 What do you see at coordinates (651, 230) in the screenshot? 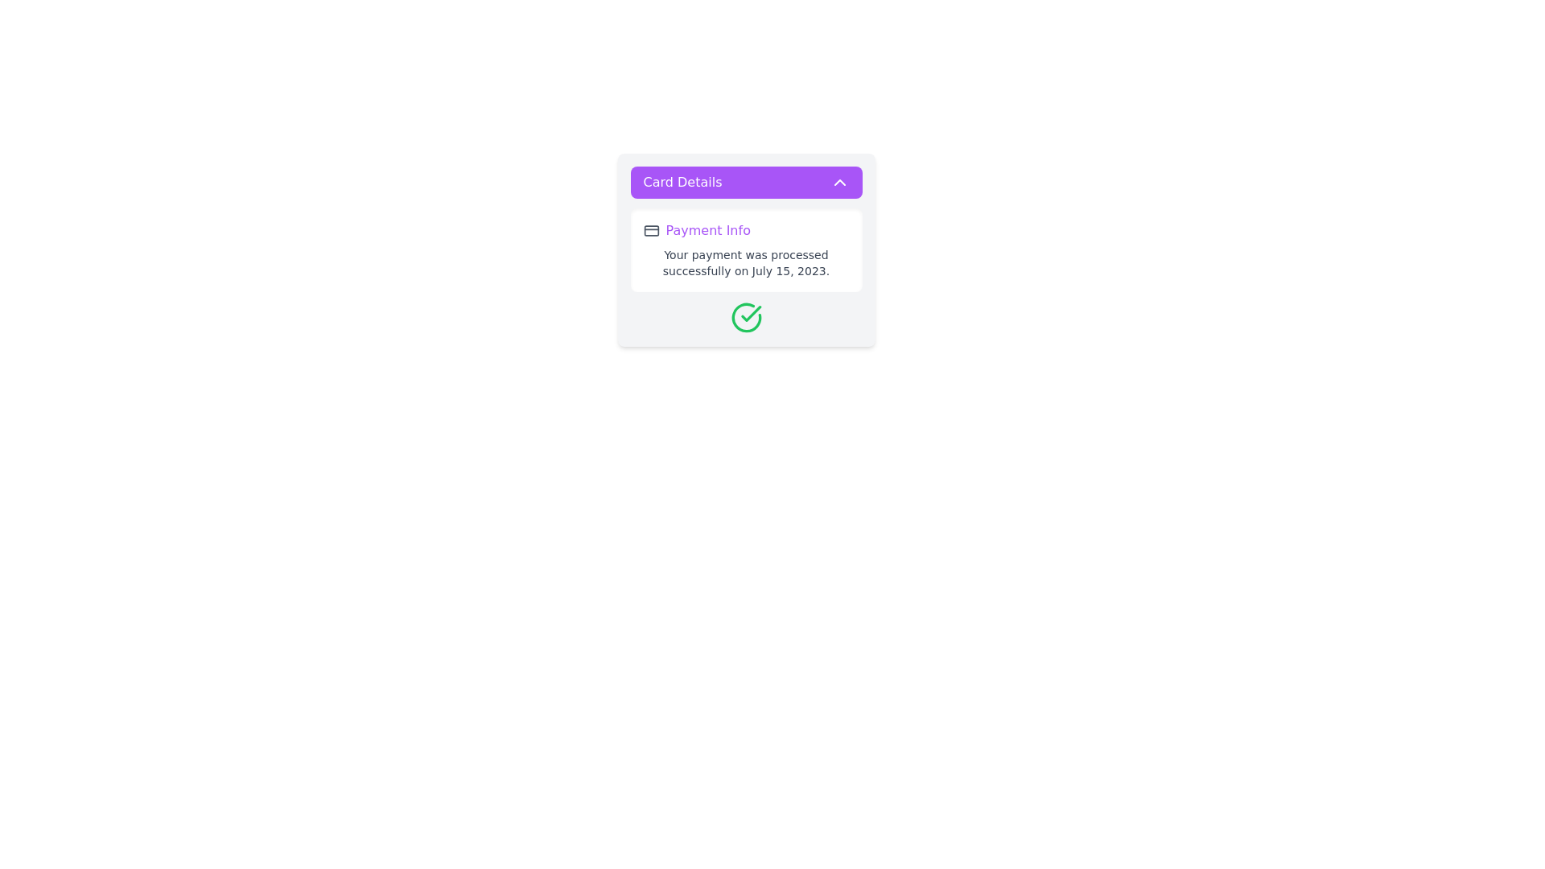
I see `the vector graphic rectangle within the credit card icon that signifies payment functionality` at bounding box center [651, 230].